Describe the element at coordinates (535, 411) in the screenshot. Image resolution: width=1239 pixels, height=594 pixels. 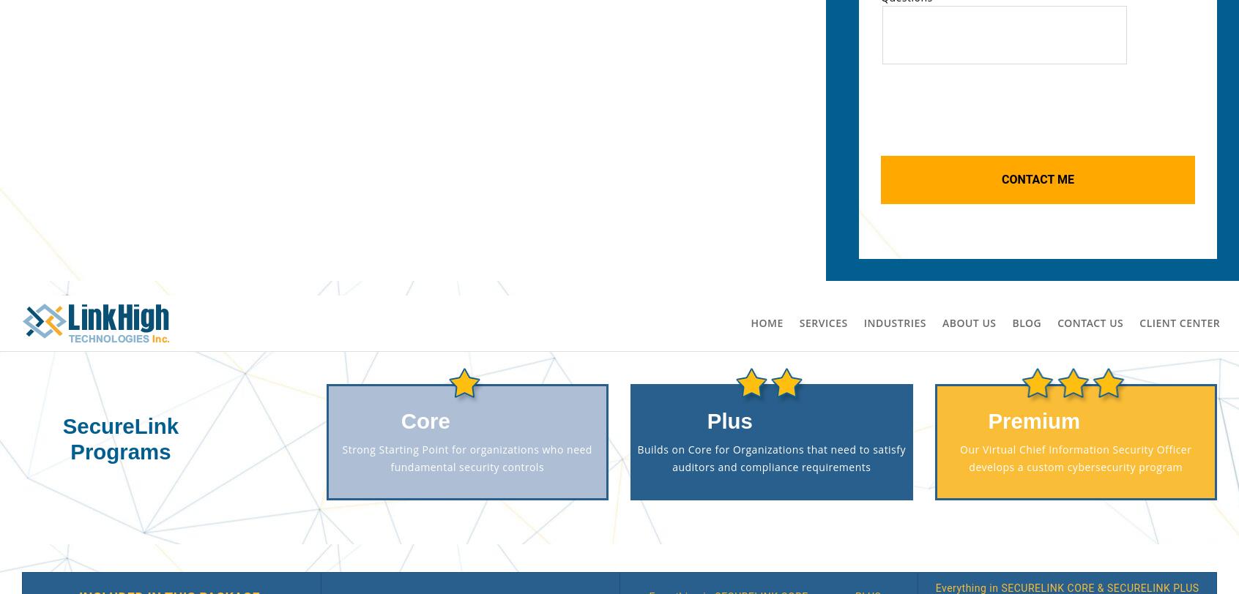
I see `'VIRTUAL CISO SERVICES'` at that location.